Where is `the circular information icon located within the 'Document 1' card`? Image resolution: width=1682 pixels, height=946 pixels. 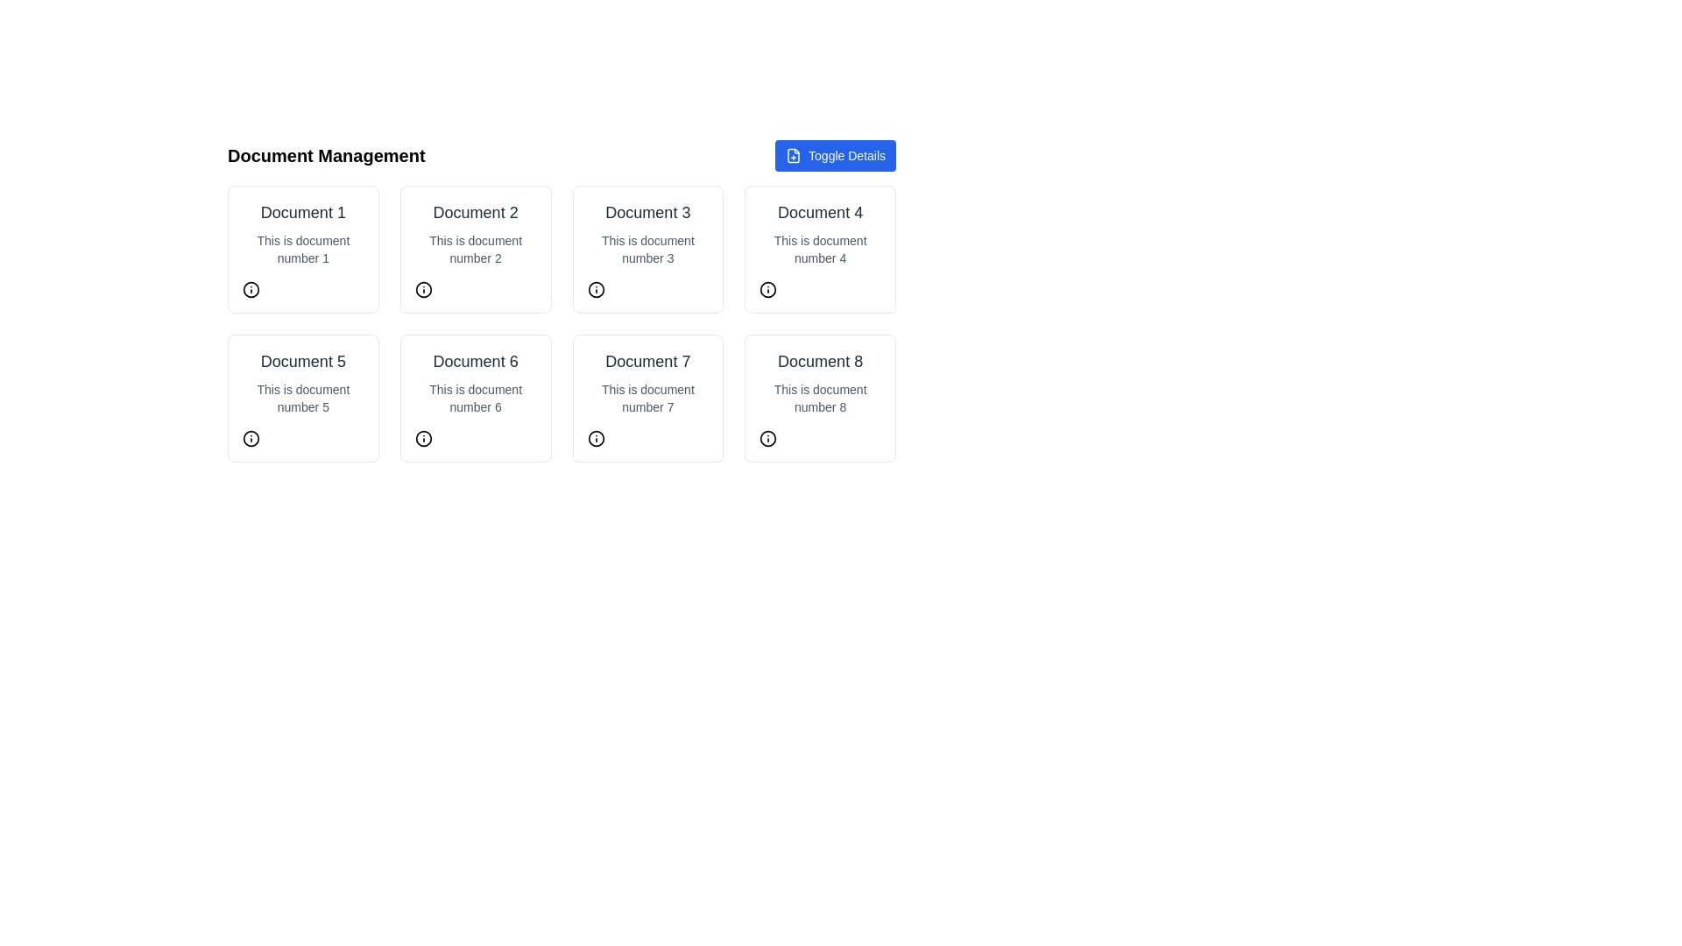 the circular information icon located within the 'Document 1' card is located at coordinates (251, 289).